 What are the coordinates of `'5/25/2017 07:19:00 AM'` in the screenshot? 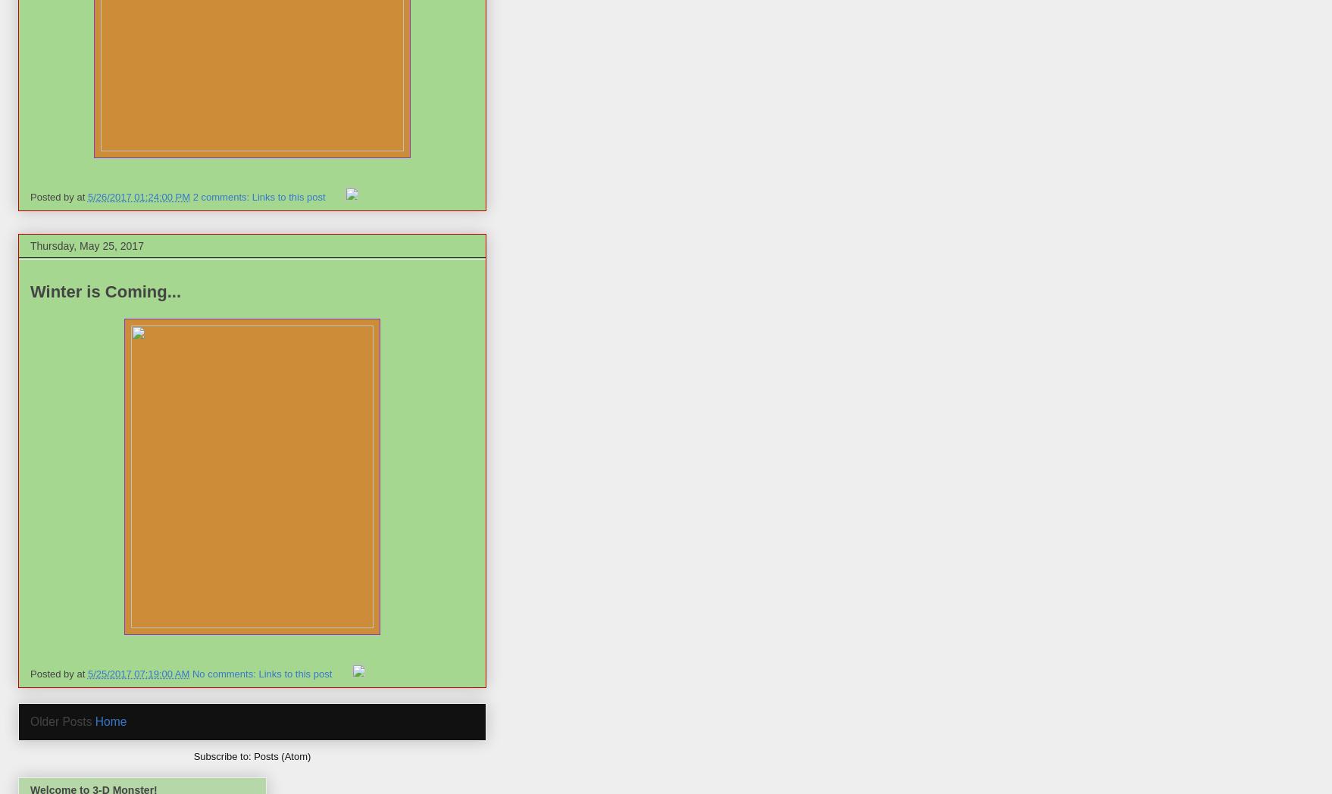 It's located at (137, 672).